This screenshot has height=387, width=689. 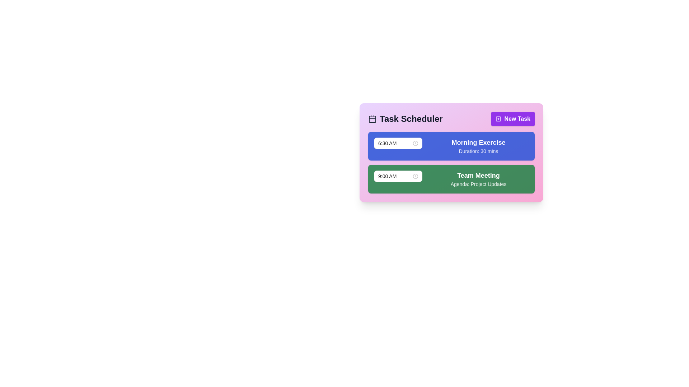 What do you see at coordinates (498, 118) in the screenshot?
I see `the graphical icon that complements the 'New Task' button, which visually indicates the action to create a new task` at bounding box center [498, 118].